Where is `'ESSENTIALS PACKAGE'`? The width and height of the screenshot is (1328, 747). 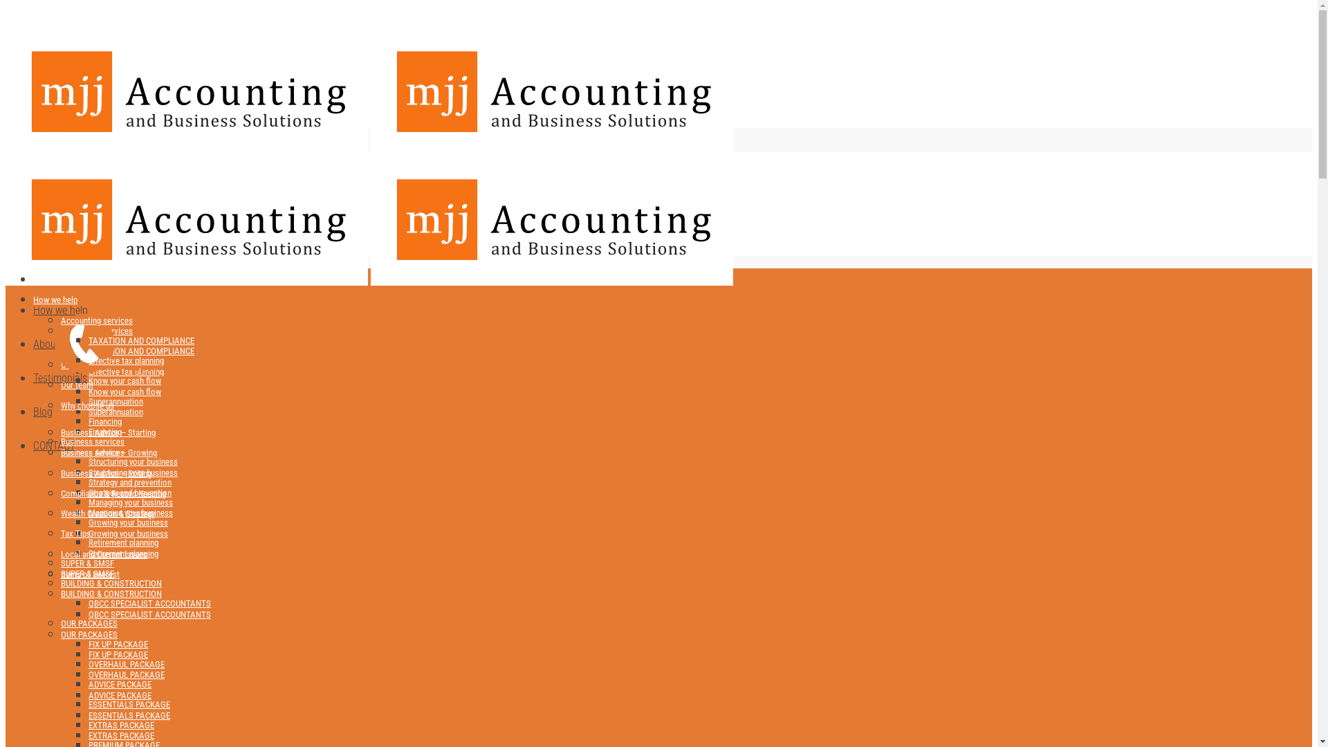 'ESSENTIALS PACKAGE' is located at coordinates (129, 715).